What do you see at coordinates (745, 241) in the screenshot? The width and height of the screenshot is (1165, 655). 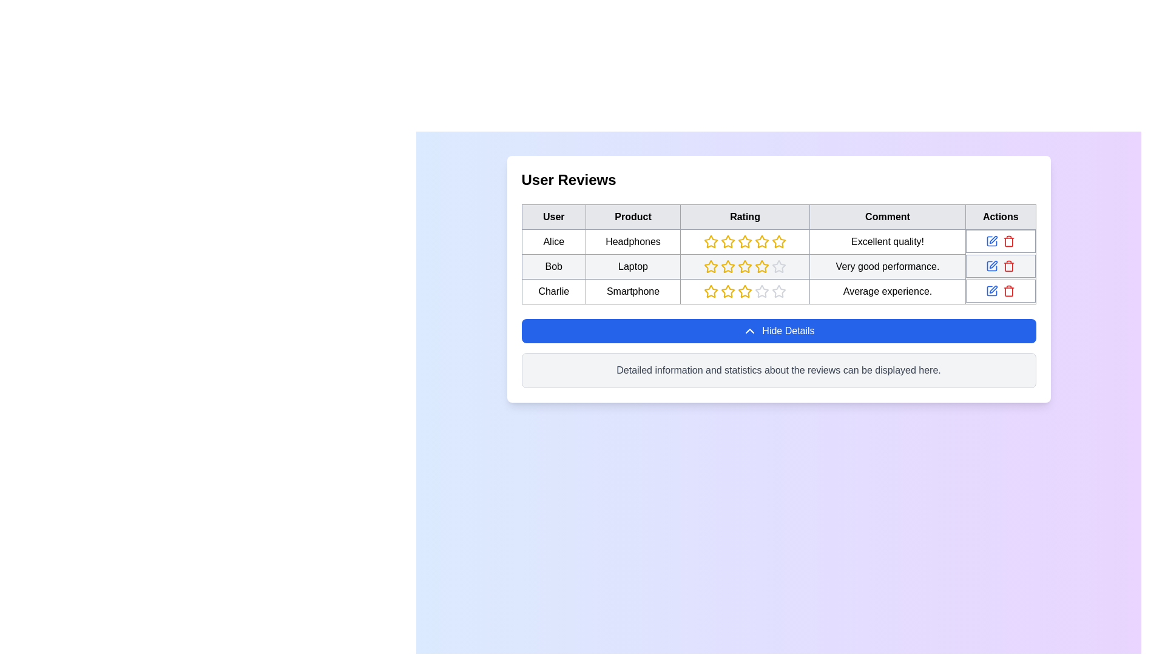 I see `the third star in the five-star rating system located in the 'Rating' column for the user 'Alice' and product 'Headphones'` at bounding box center [745, 241].